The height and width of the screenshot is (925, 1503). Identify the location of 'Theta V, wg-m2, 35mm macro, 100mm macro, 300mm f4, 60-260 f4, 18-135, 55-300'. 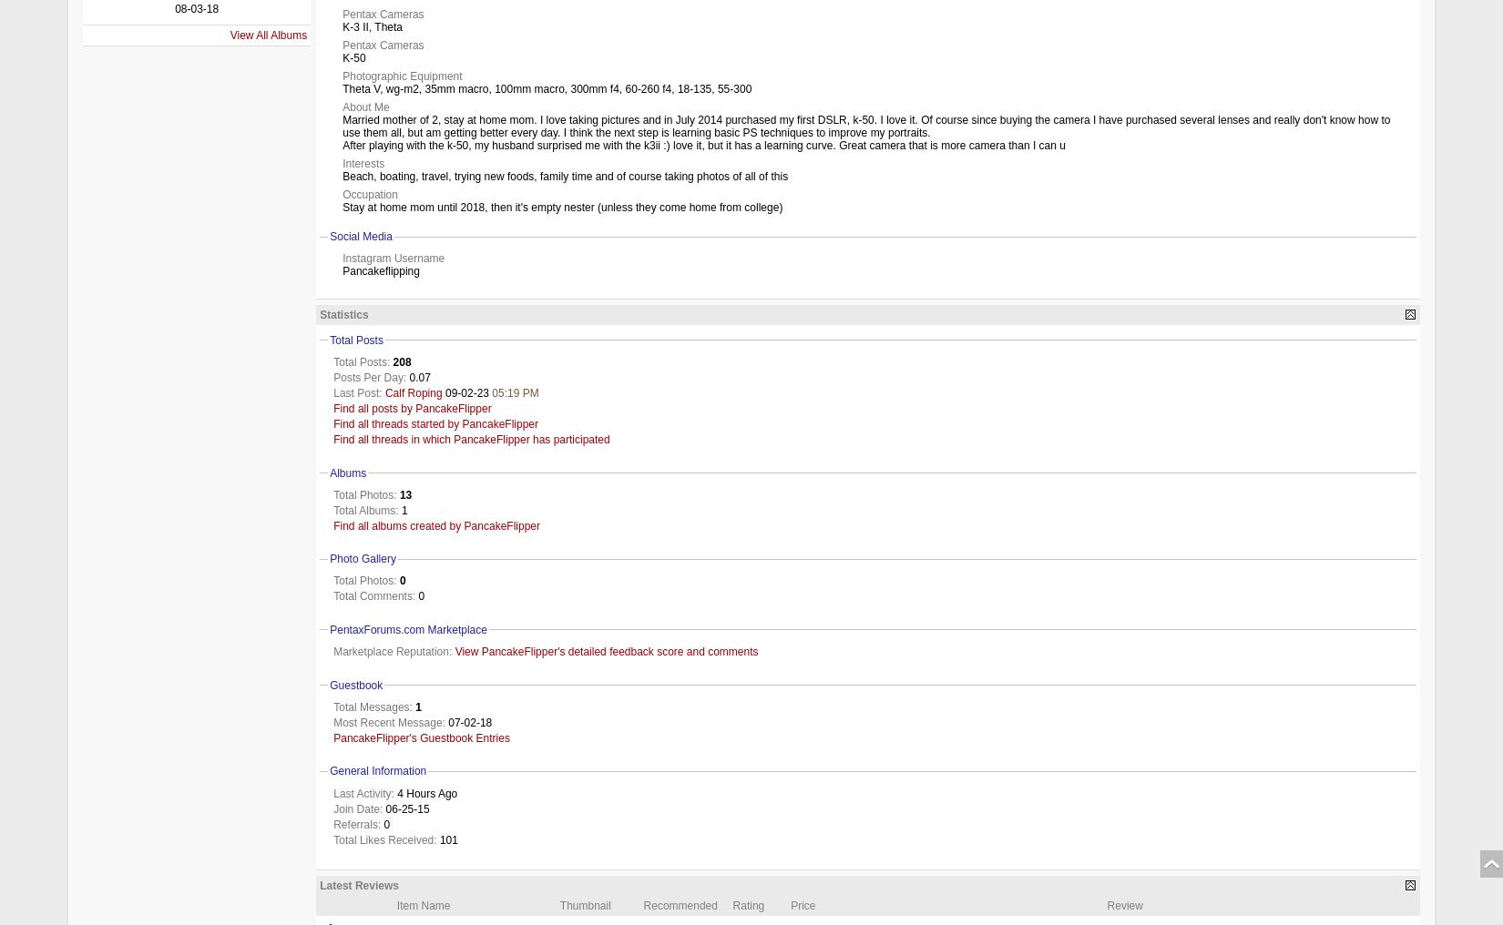
(343, 88).